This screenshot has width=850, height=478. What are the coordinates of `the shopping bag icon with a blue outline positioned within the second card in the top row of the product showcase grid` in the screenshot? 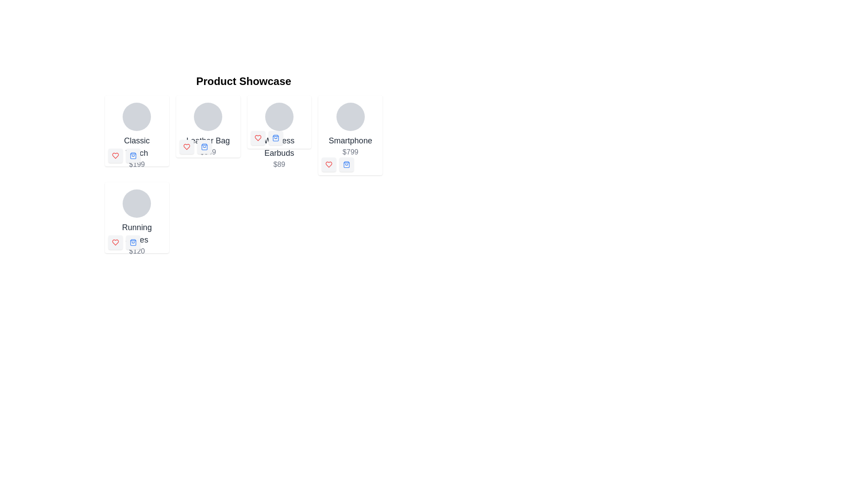 It's located at (133, 155).